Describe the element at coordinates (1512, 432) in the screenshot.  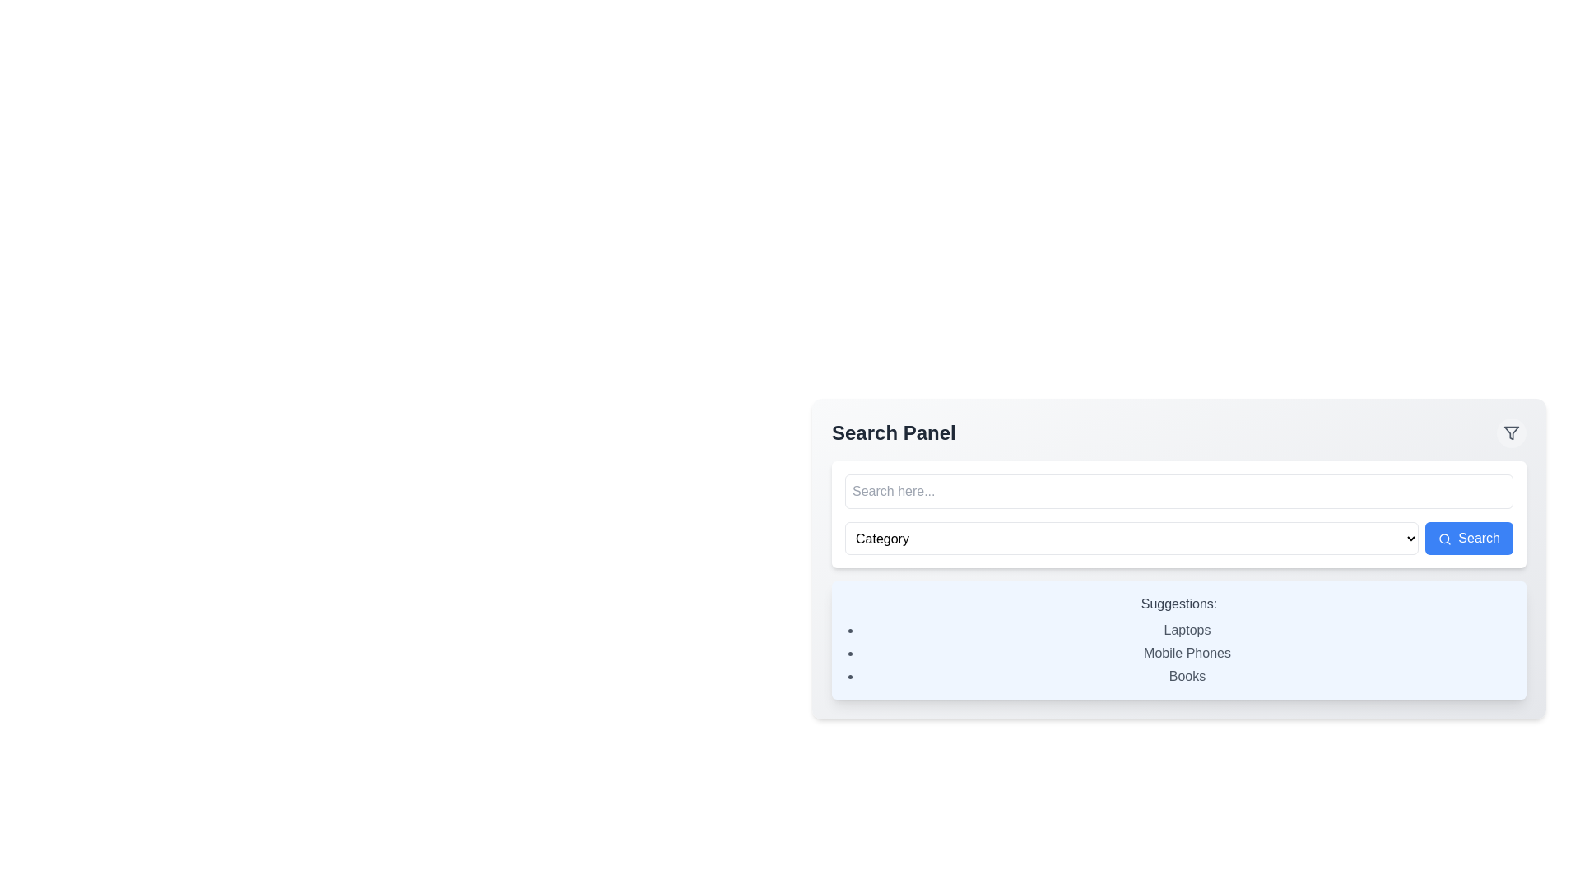
I see `the filter button located in the top-right corner of the panel, which has a small circular shape and a faint gray background` at that location.